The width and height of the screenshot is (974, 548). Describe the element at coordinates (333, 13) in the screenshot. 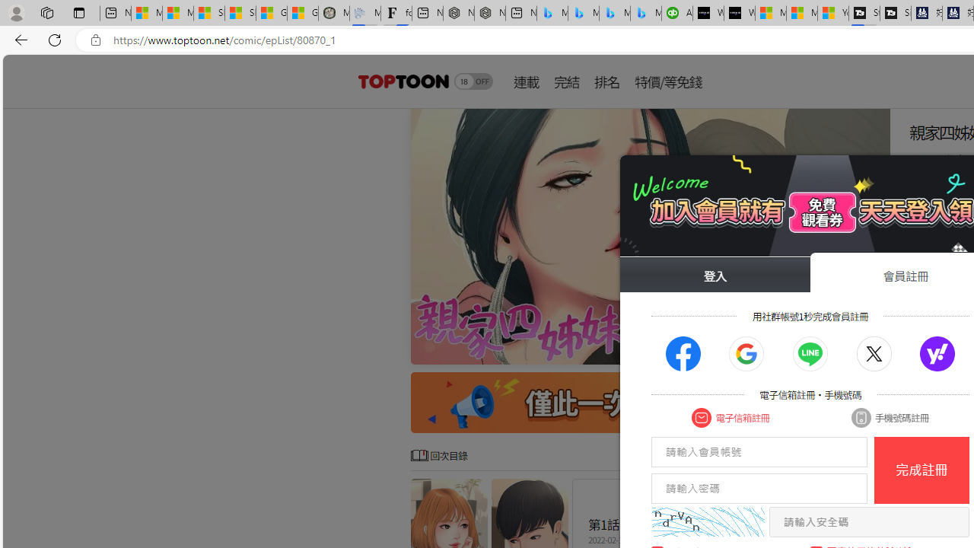

I see `'Manatee Mortality Statistics | FWC'` at that location.